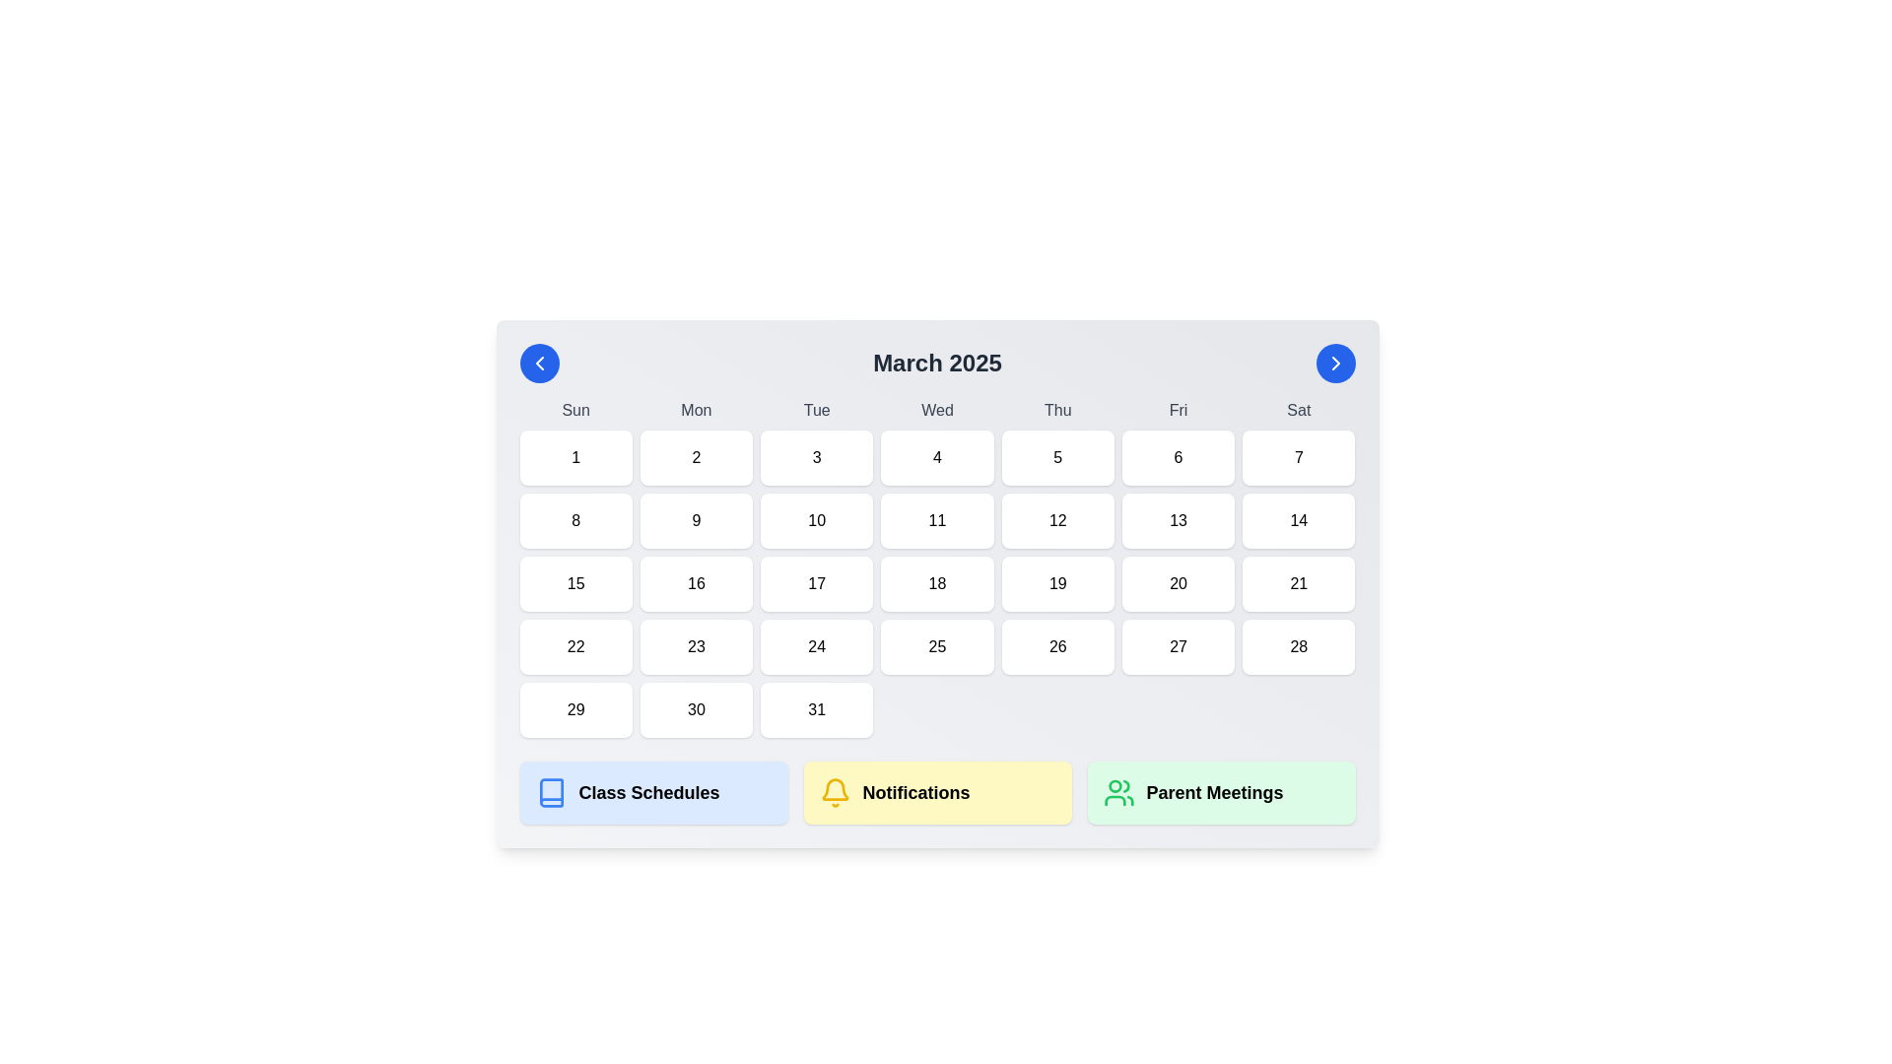 This screenshot has width=1892, height=1064. I want to click on the calendar grid cell representing the date '18' in March 2025, so click(936, 568).